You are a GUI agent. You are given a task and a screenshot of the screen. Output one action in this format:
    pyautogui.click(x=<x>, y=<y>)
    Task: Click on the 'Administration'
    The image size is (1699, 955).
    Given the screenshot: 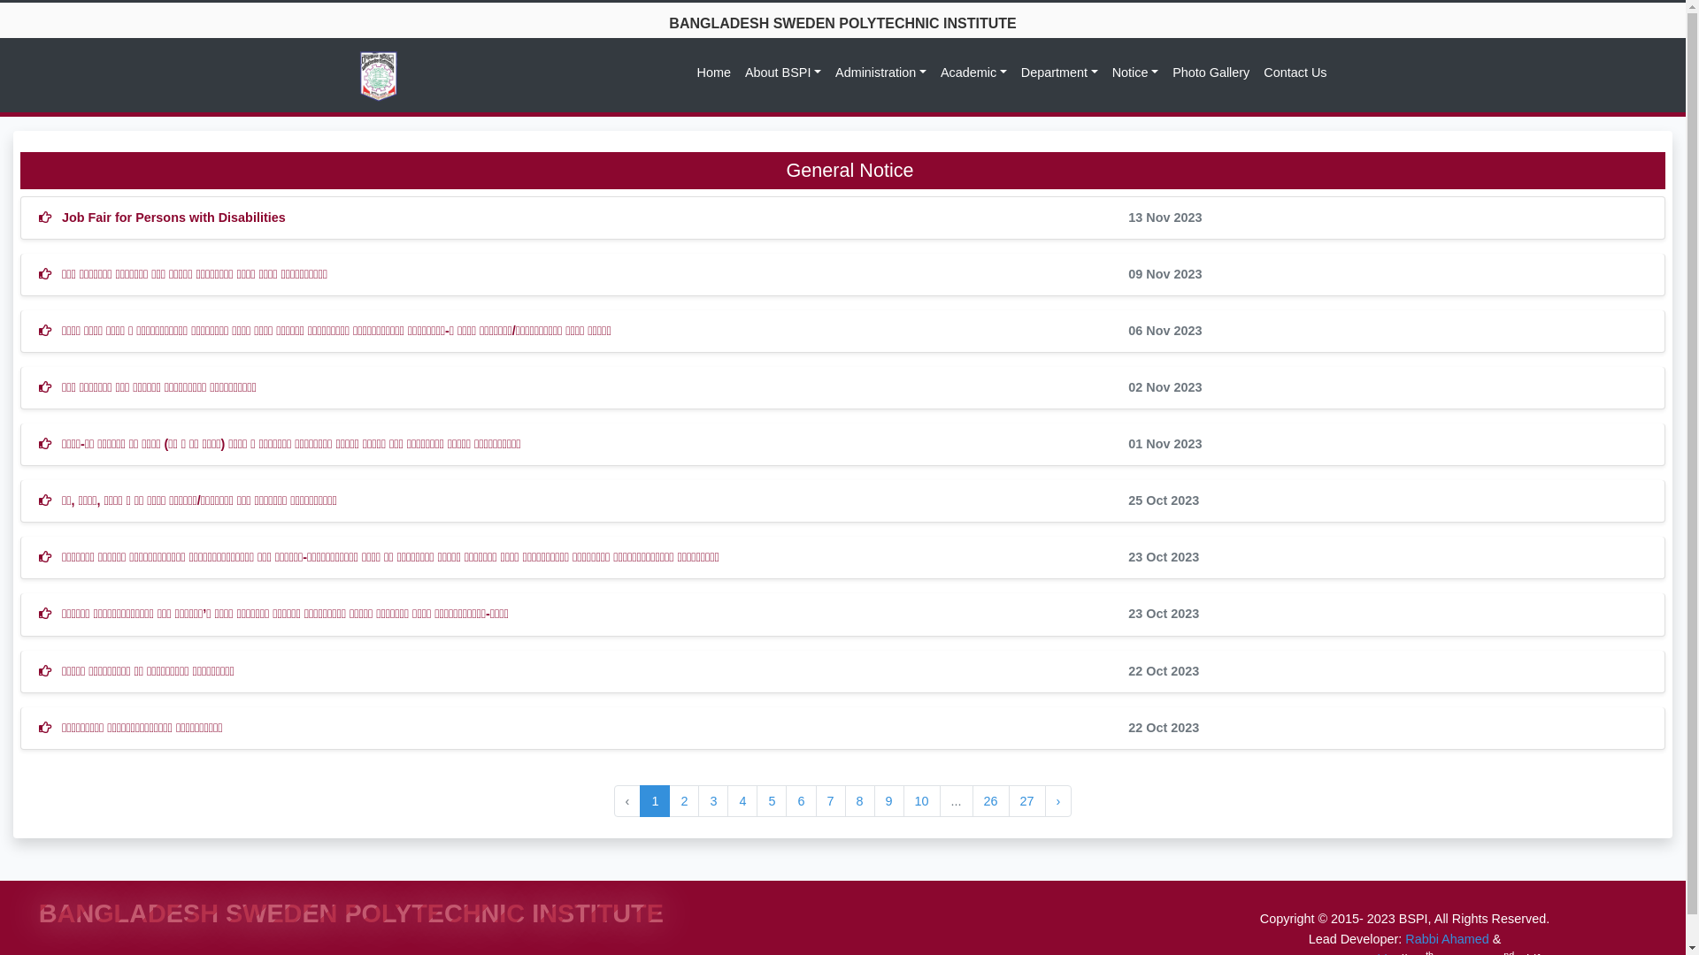 What is the action you would take?
    pyautogui.click(x=880, y=72)
    